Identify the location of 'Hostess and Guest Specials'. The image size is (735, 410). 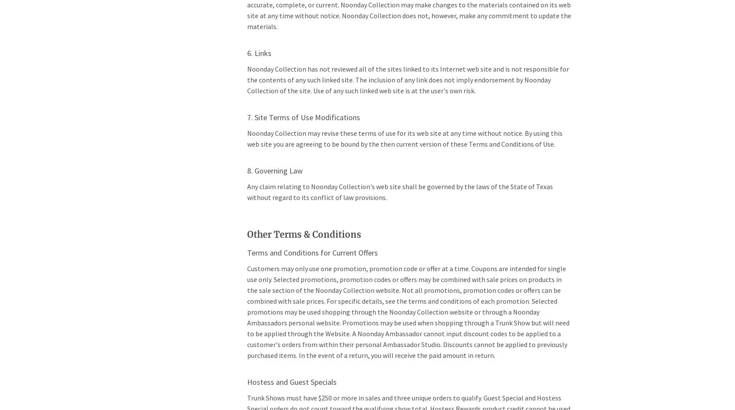
(291, 381).